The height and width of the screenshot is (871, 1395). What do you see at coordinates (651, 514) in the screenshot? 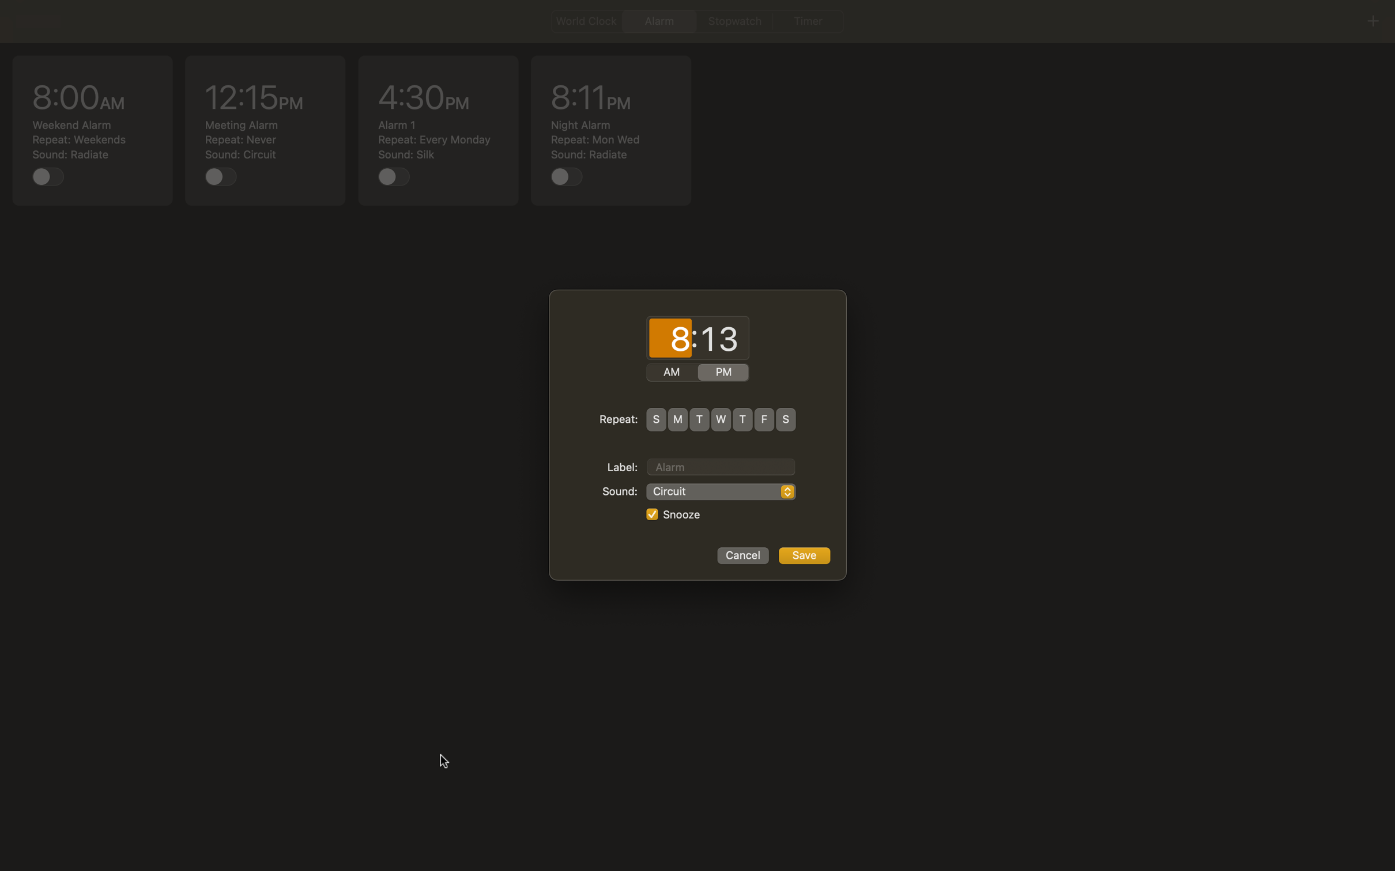
I see `Deactivate snooze feature` at bounding box center [651, 514].